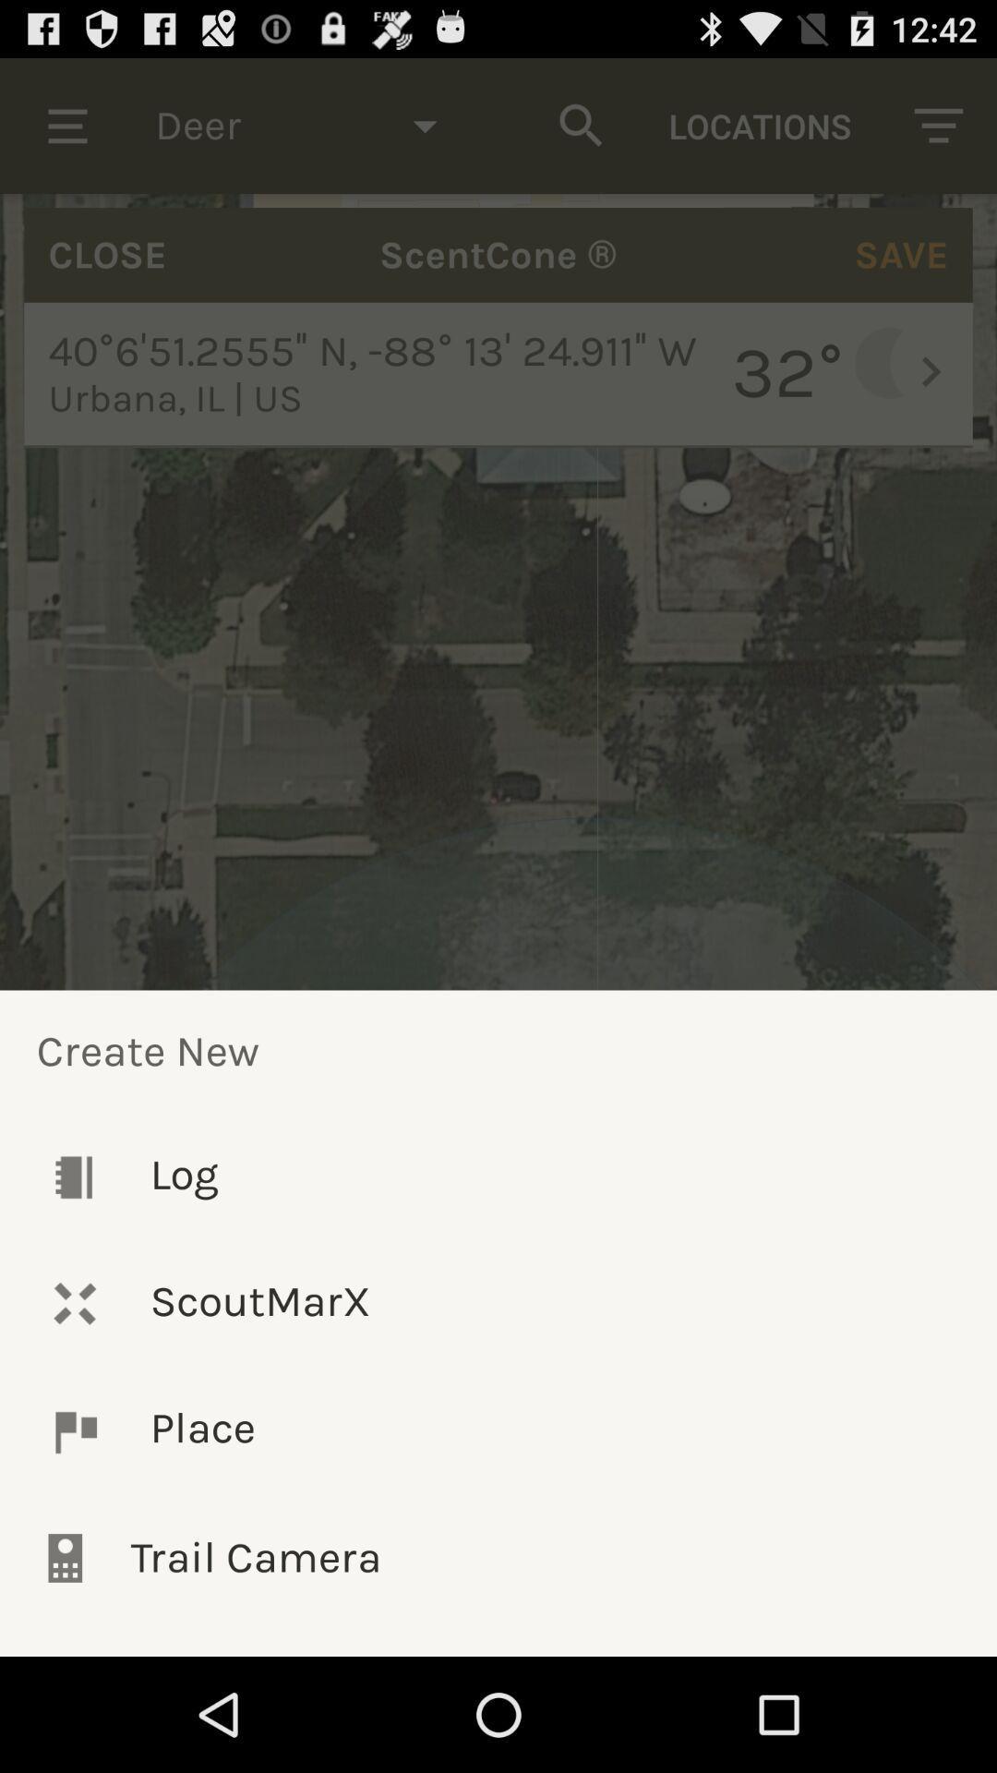 Image resolution: width=997 pixels, height=1773 pixels. Describe the element at coordinates (498, 1430) in the screenshot. I see `the icon below the scoutmarx icon` at that location.